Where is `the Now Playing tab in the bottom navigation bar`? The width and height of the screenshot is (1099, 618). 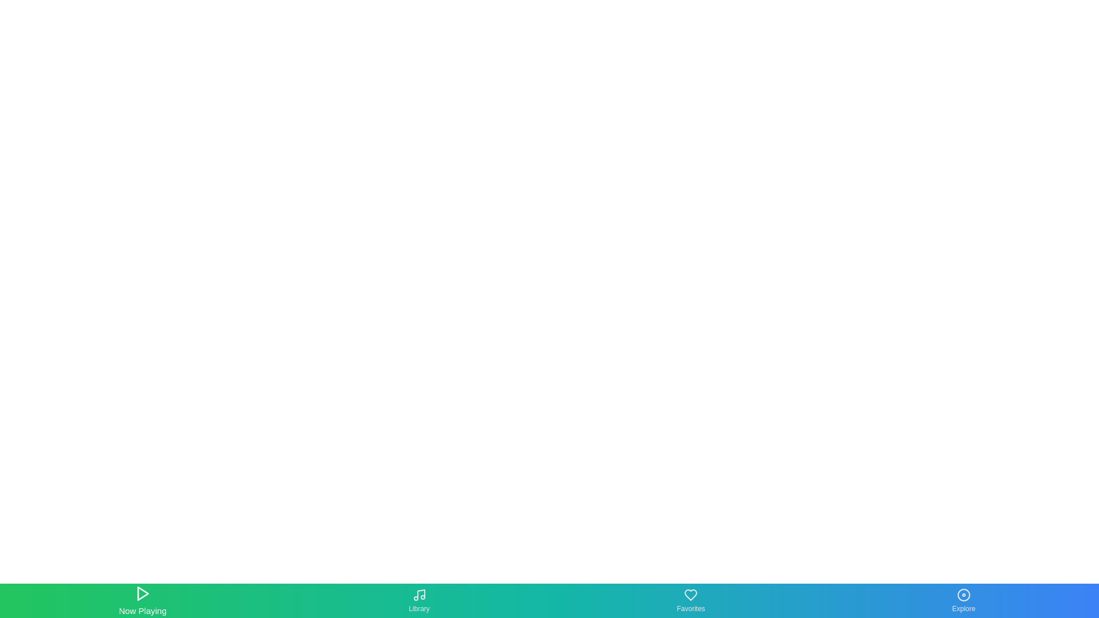
the Now Playing tab in the bottom navigation bar is located at coordinates (142, 600).